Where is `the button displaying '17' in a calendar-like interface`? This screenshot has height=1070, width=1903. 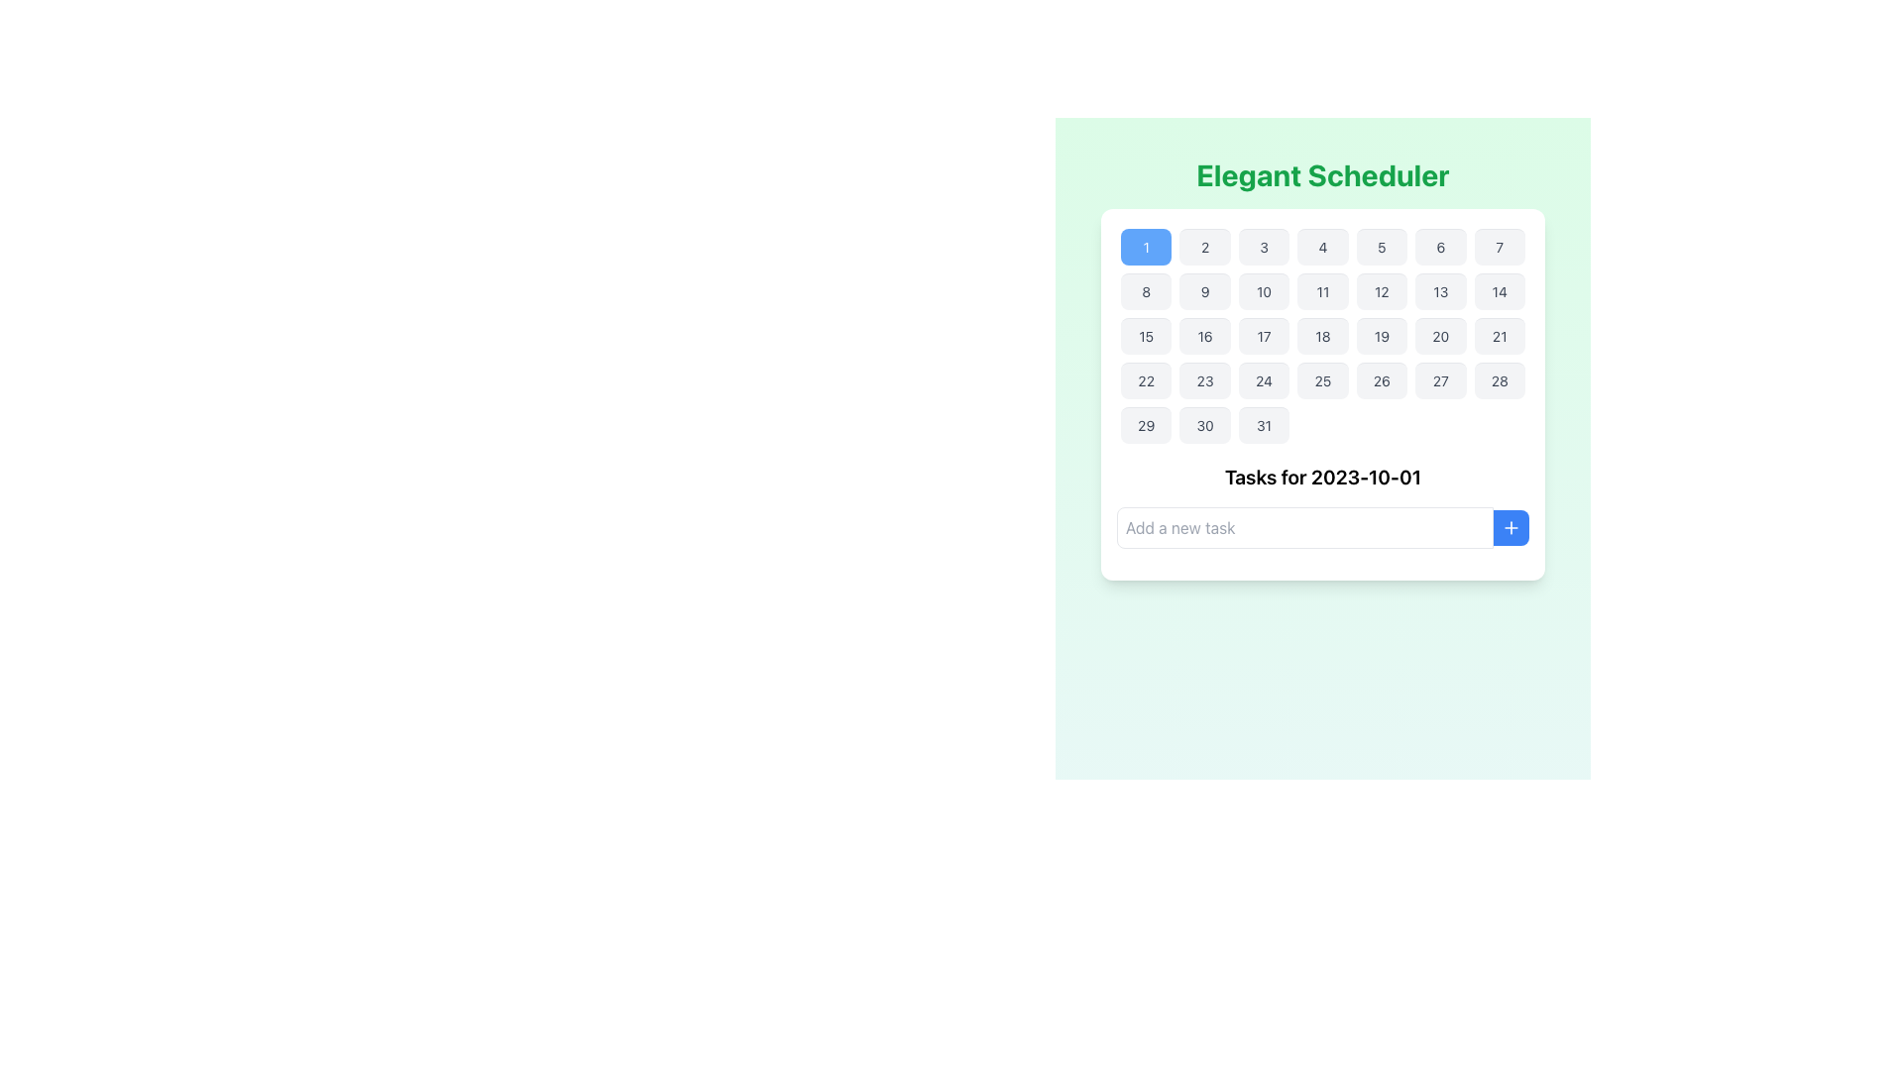
the button displaying '17' in a calendar-like interface is located at coordinates (1263, 335).